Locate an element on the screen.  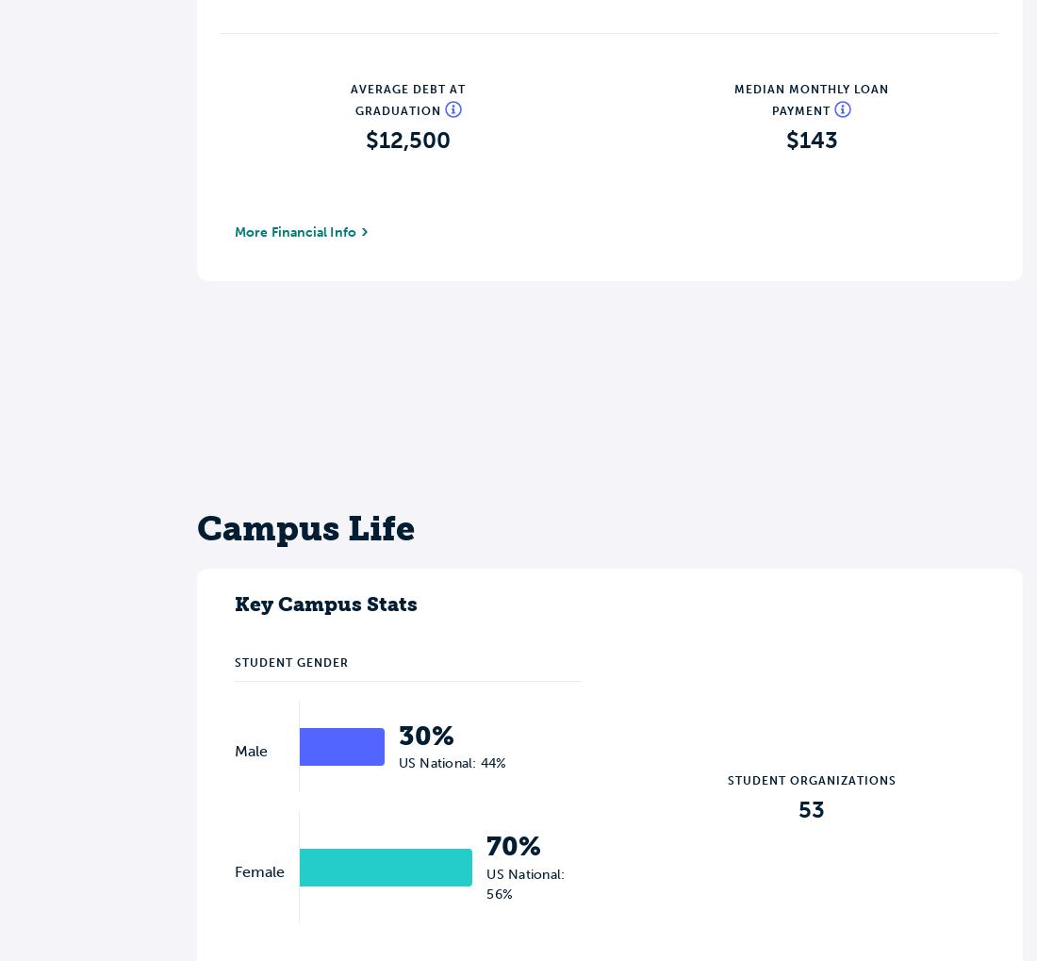
'$12,500' is located at coordinates (406, 139).